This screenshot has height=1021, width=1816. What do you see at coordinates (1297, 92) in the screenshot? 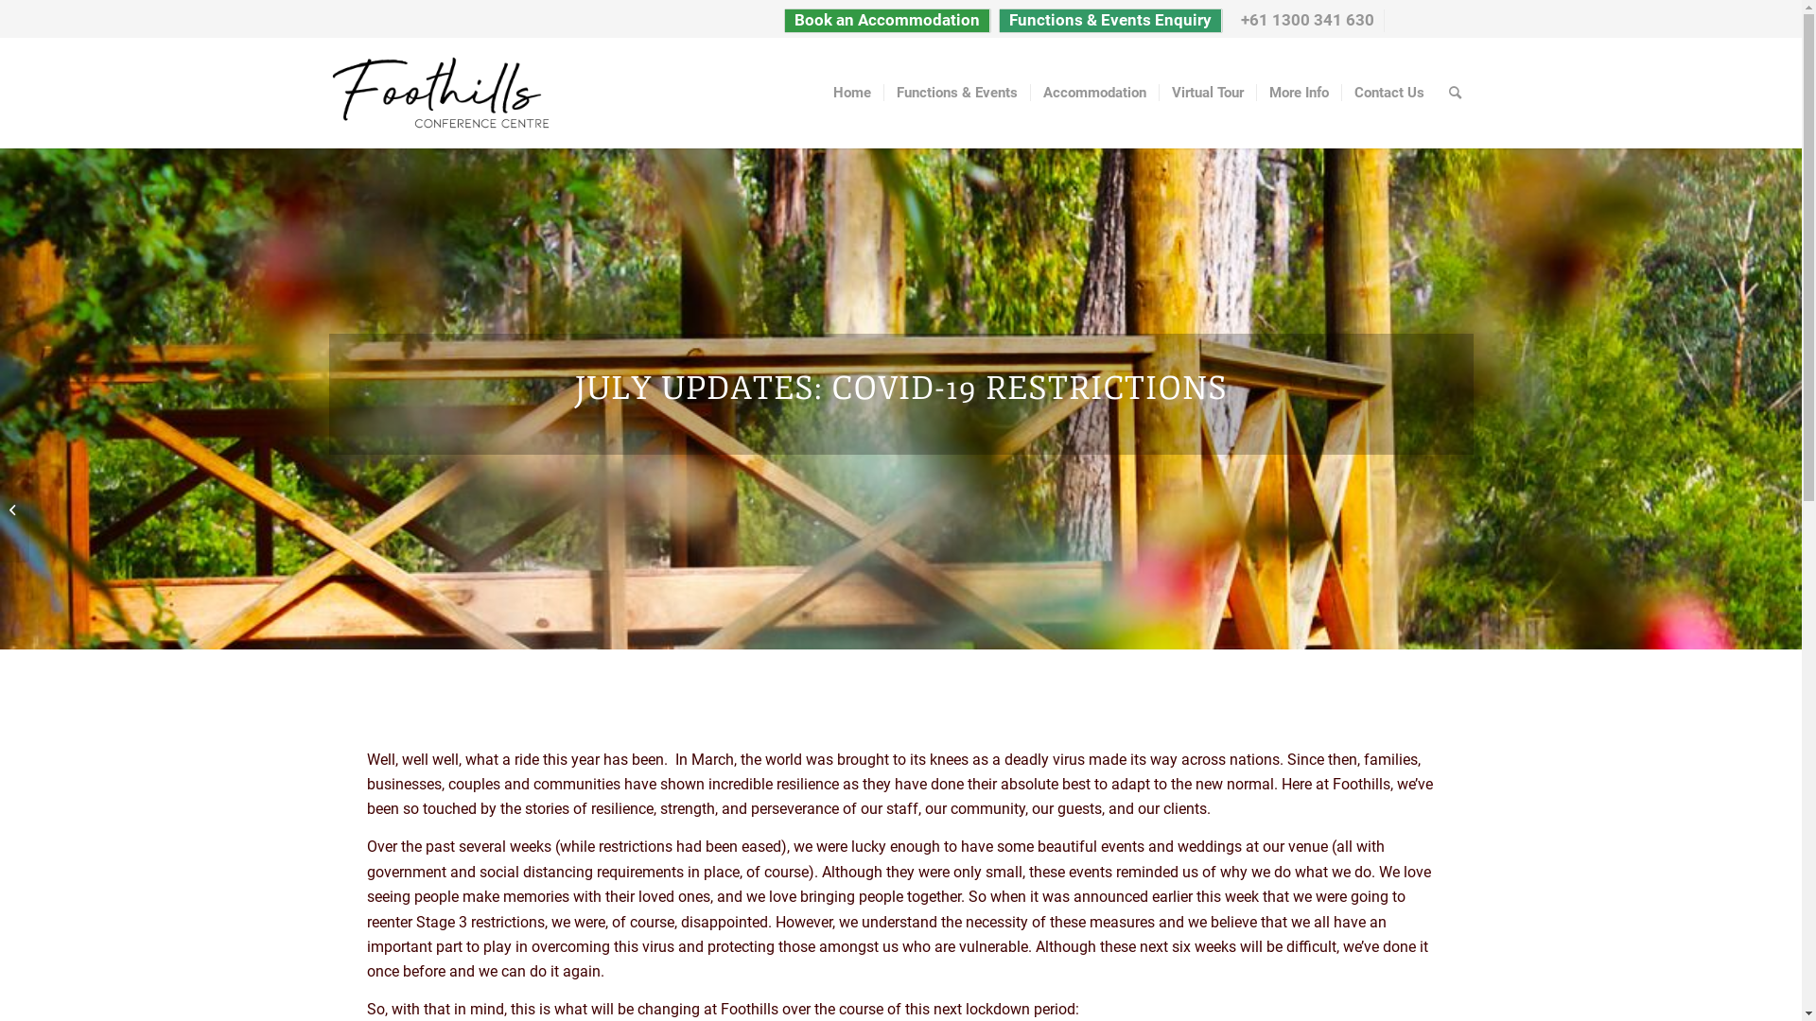
I see `'More Info'` at bounding box center [1297, 92].